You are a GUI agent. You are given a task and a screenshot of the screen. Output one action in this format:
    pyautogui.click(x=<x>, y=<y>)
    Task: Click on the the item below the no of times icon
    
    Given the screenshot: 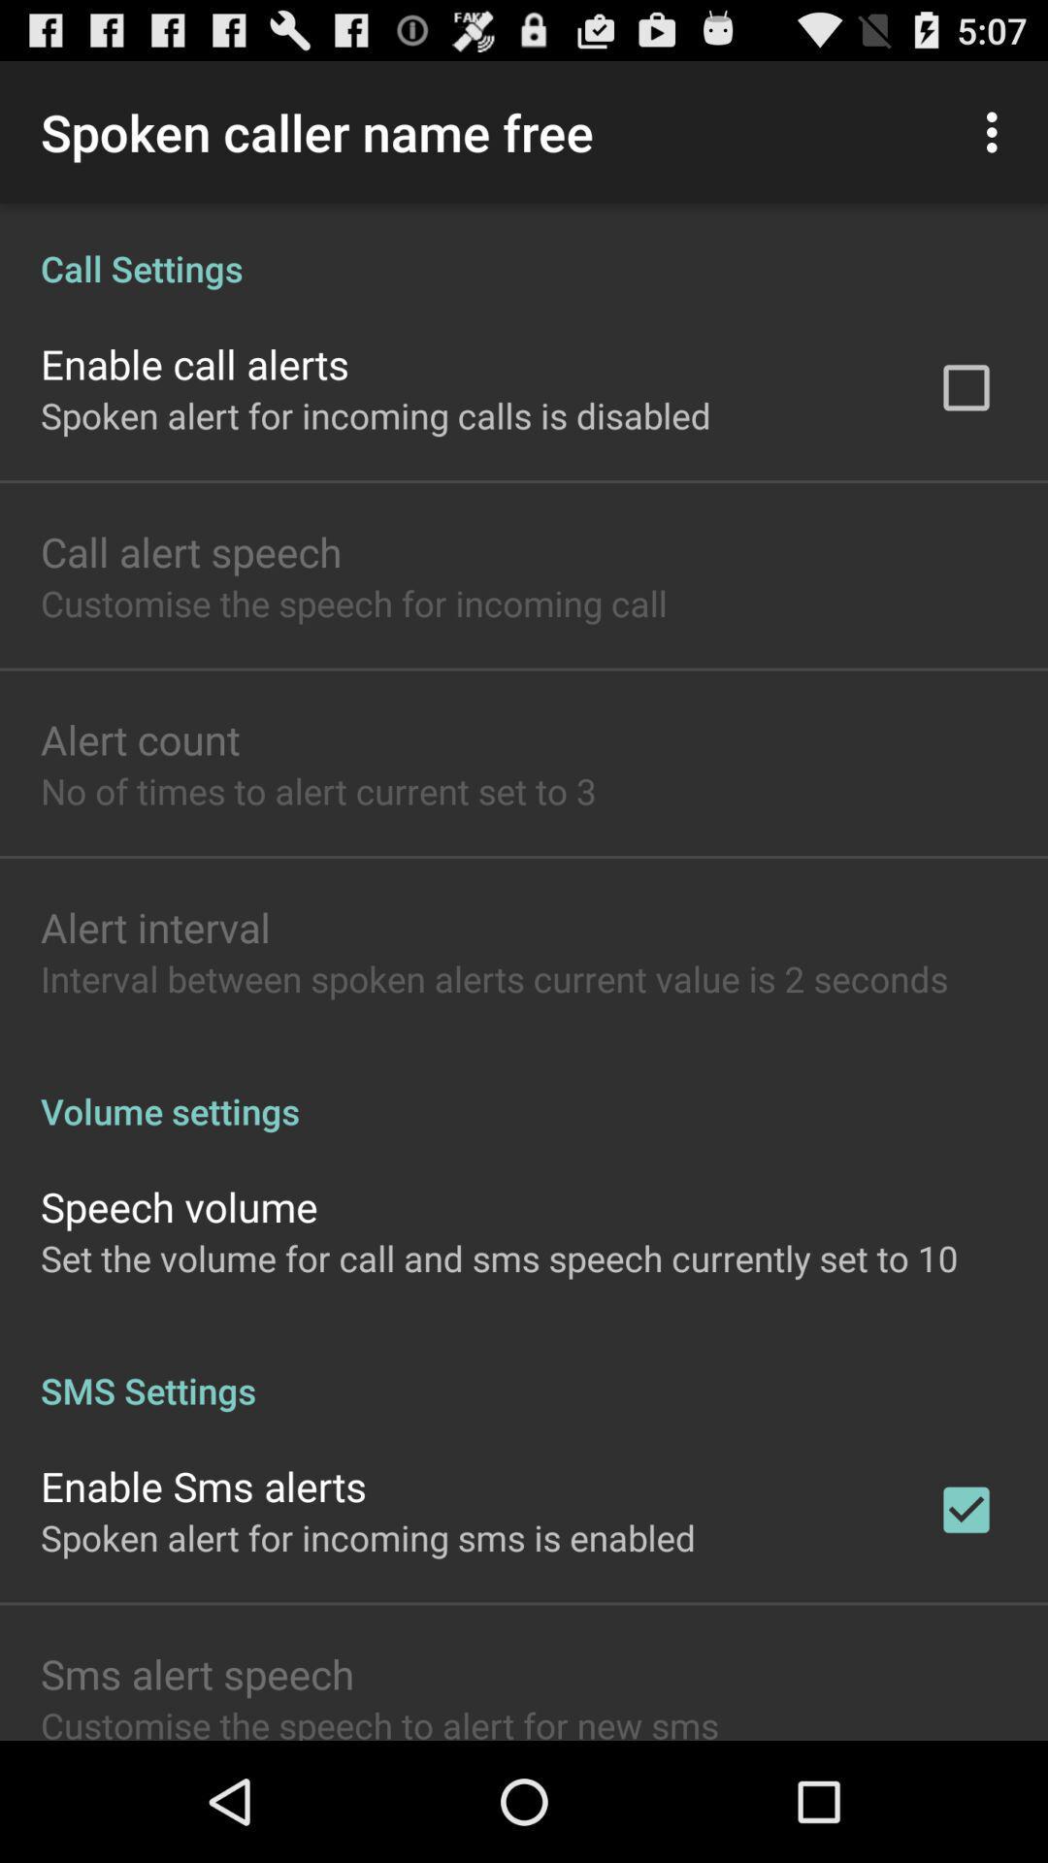 What is the action you would take?
    pyautogui.click(x=154, y=926)
    